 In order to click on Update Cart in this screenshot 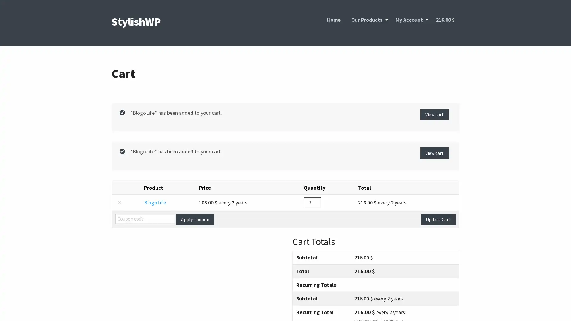, I will do `click(438, 219)`.